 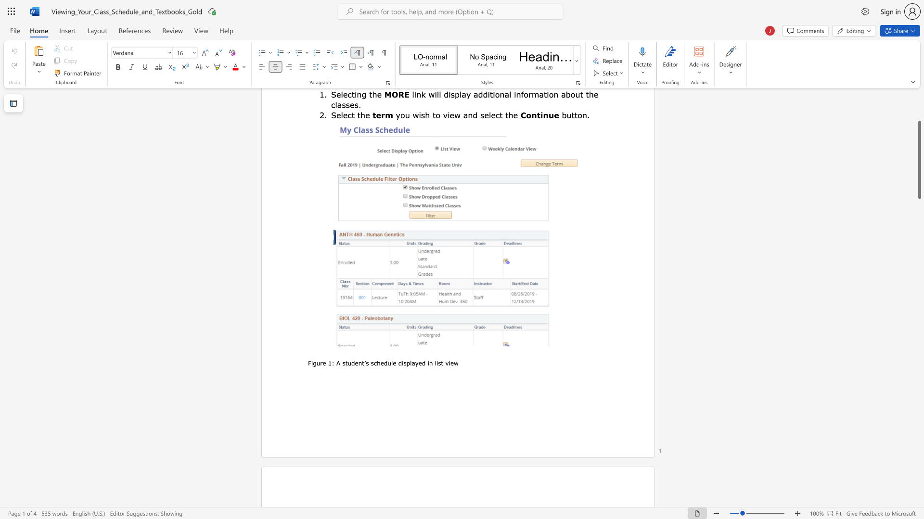 What do you see at coordinates (919, 159) in the screenshot?
I see `the scrollbar and move down 1290 pixels` at bounding box center [919, 159].